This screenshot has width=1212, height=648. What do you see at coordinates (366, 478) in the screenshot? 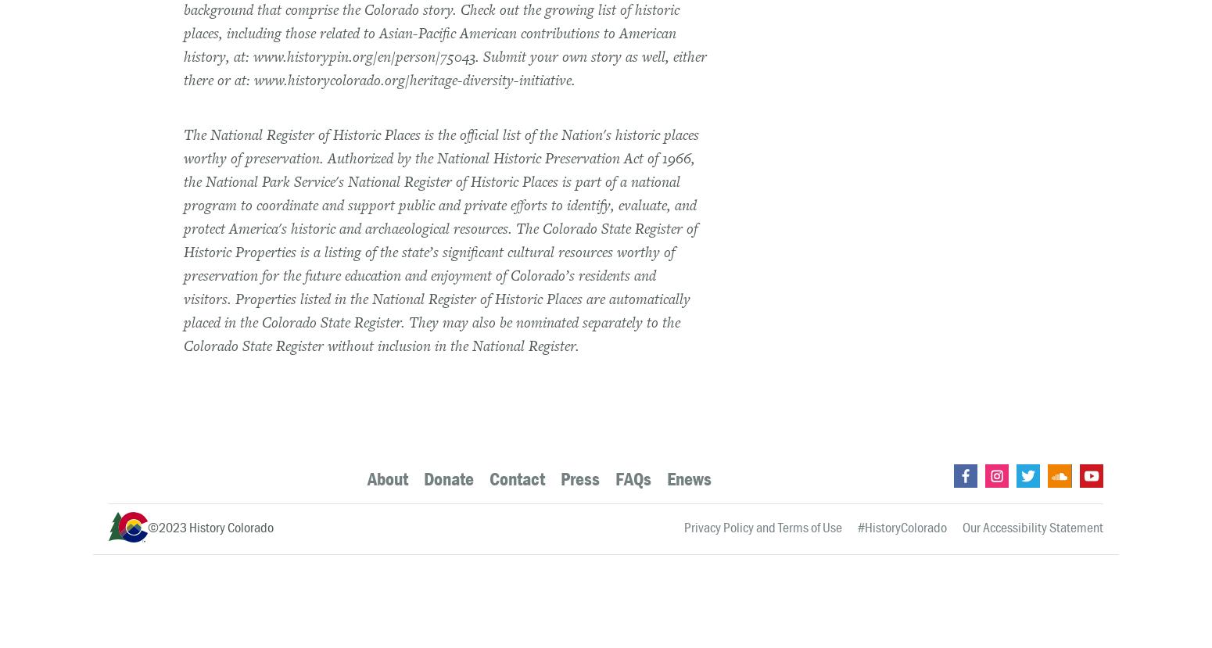
I see `'About'` at bounding box center [366, 478].